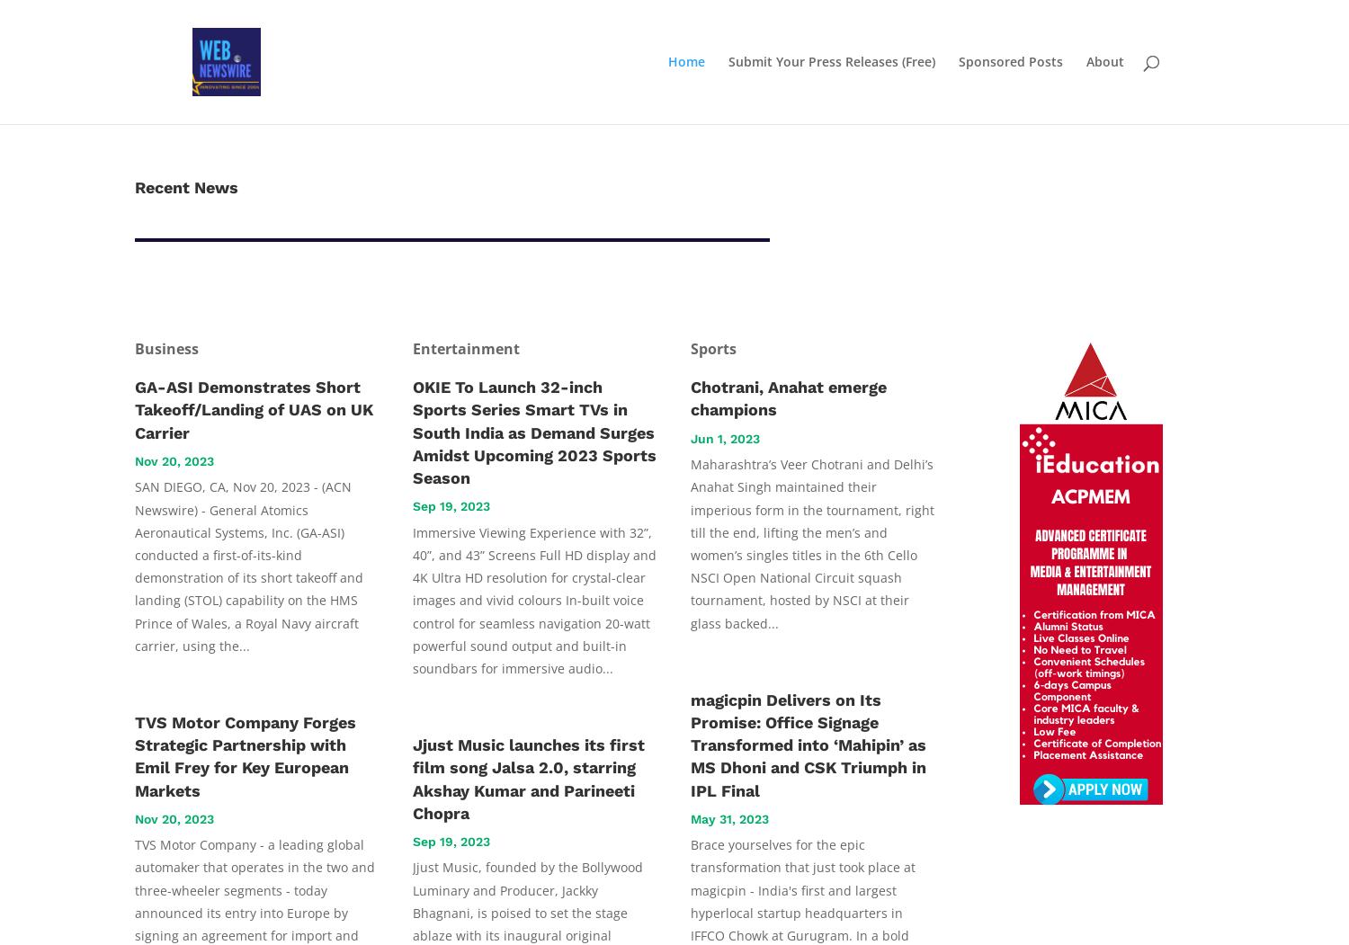  What do you see at coordinates (246, 755) in the screenshot?
I see `'TVS Motor Company Forges Strategic Partnership with Emil Frey for Key European Markets'` at bounding box center [246, 755].